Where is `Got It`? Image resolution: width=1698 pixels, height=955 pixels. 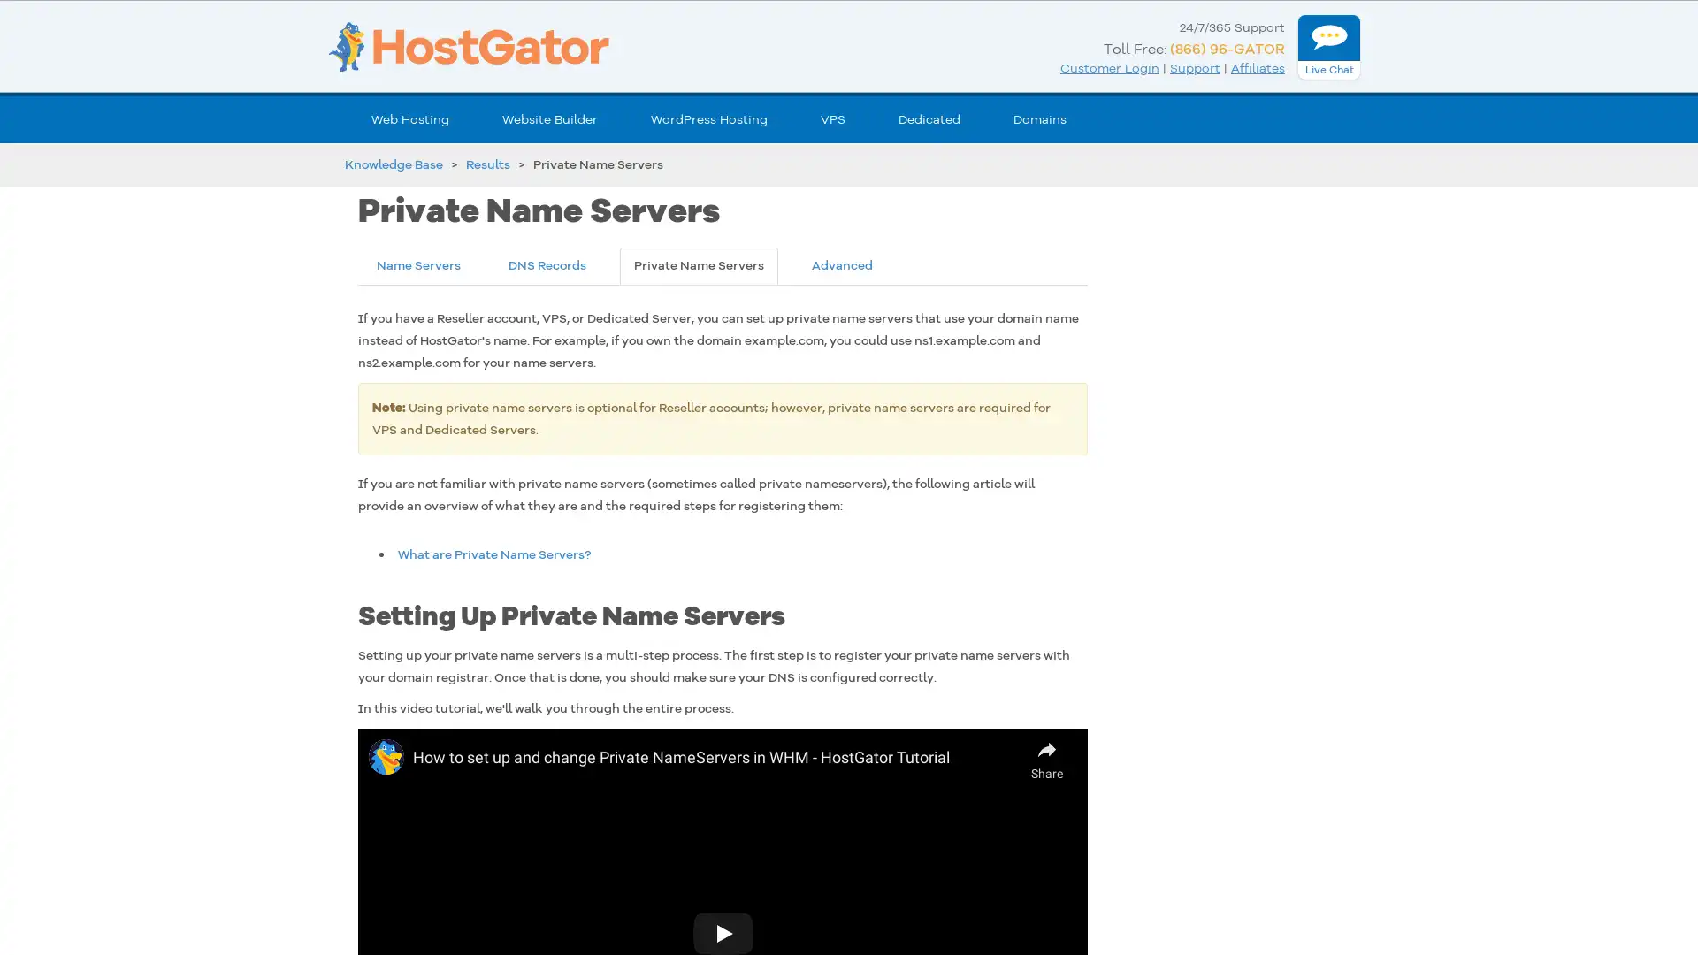
Got It is located at coordinates (180, 844).